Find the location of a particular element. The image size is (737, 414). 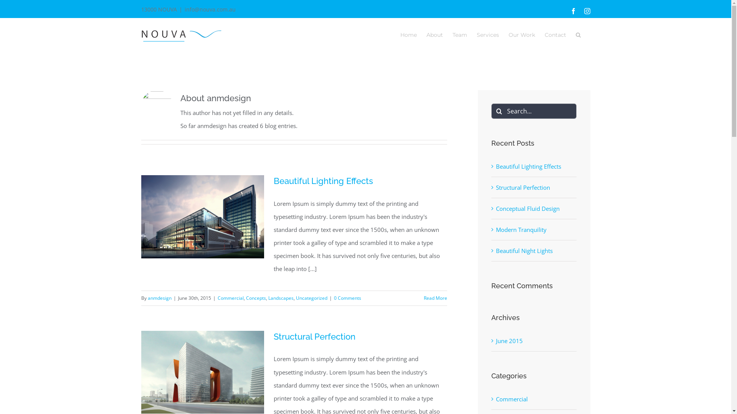

'Modern Tranquility' is located at coordinates (521, 229).